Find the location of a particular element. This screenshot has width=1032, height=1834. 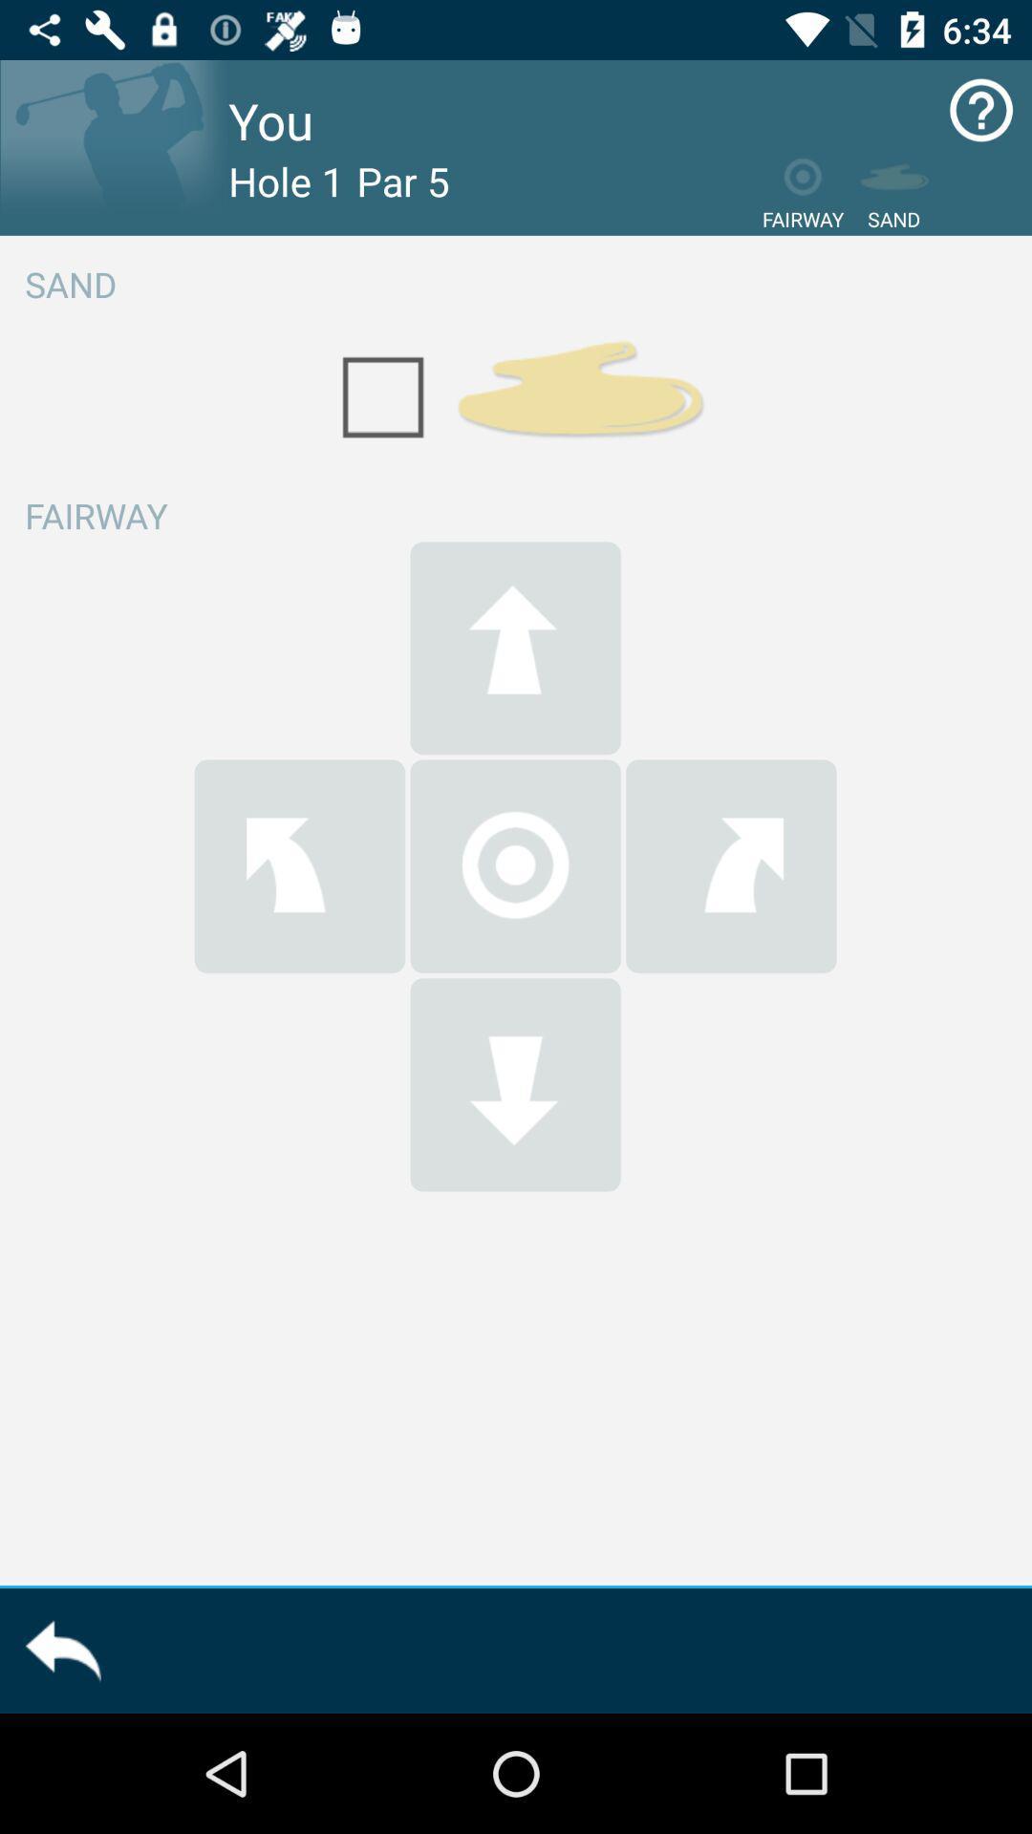

aim forward is located at coordinates (514, 648).